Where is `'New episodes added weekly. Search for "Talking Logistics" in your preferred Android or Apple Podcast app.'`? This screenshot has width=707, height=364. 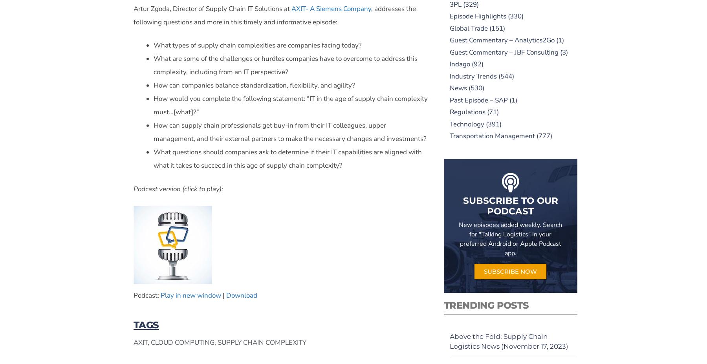
'New episodes added weekly. Search for "Talking Logistics" in your preferred Android or Apple Podcast app.' is located at coordinates (458, 239).